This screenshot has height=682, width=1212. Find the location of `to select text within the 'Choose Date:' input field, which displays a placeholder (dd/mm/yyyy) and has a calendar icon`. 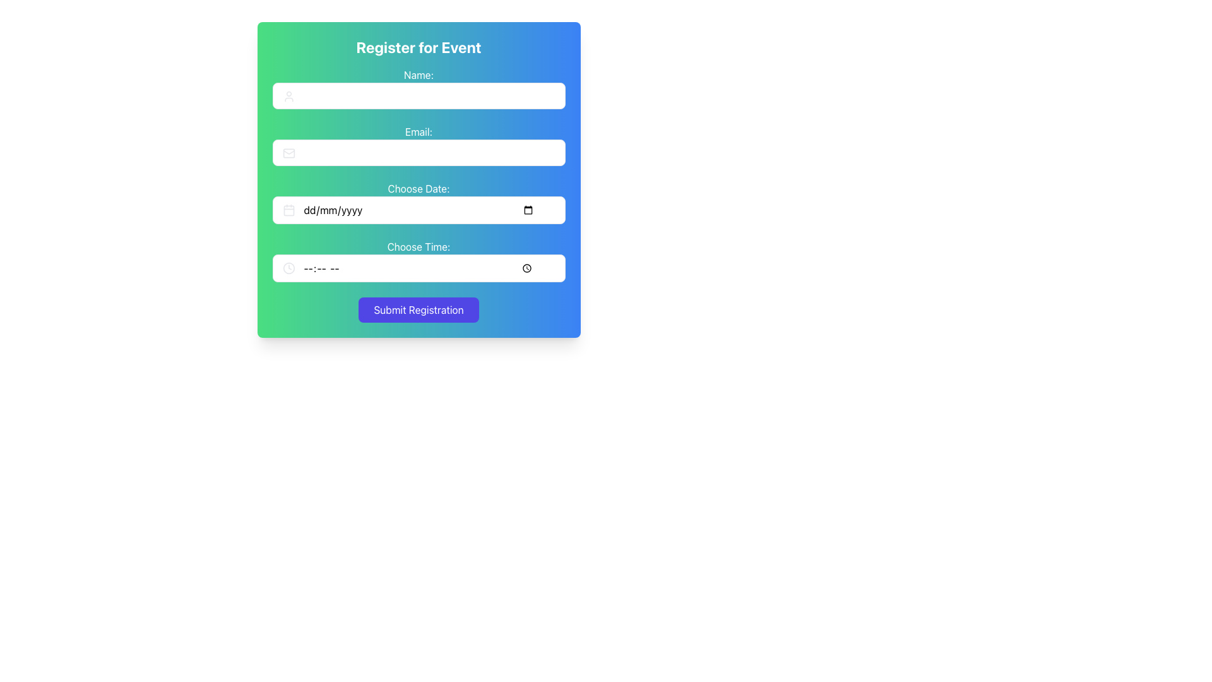

to select text within the 'Choose Date:' input field, which displays a placeholder (dd/mm/yyyy) and has a calendar icon is located at coordinates (419, 201).